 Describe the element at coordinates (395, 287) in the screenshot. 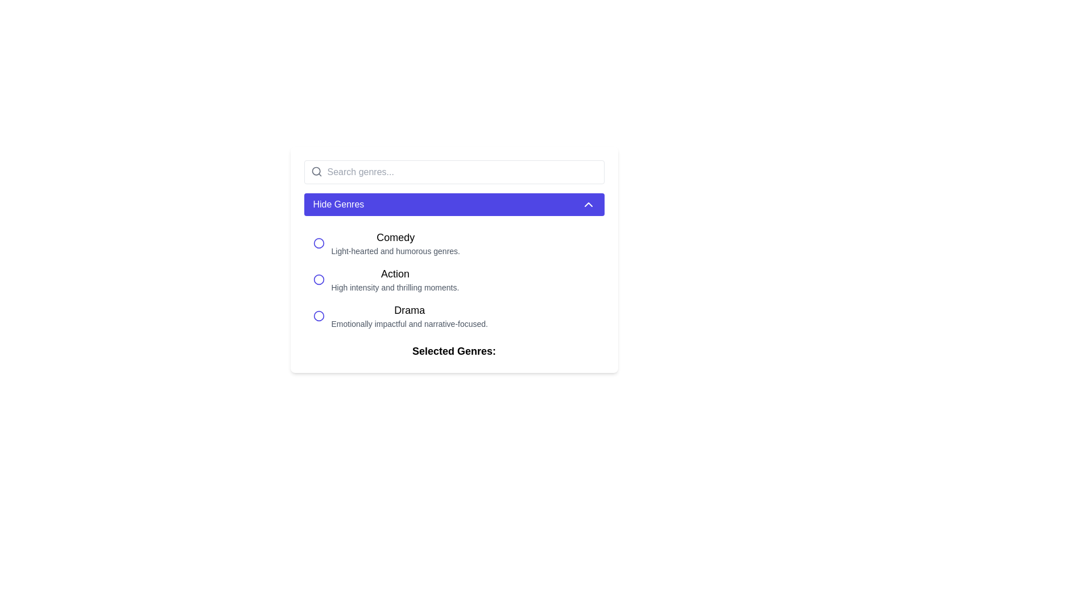

I see `the descriptive text element located directly below the 'Action' label in the genre selector, which provides additional context about the 'Action' genre` at that location.